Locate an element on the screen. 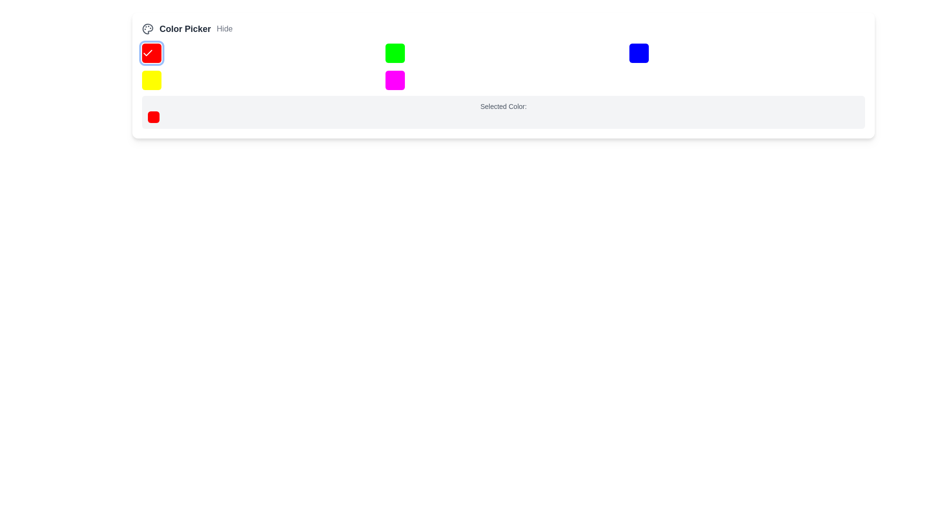 Image resolution: width=931 pixels, height=523 pixels. the middle square in the first row of the color selector grid is located at coordinates (395, 53).